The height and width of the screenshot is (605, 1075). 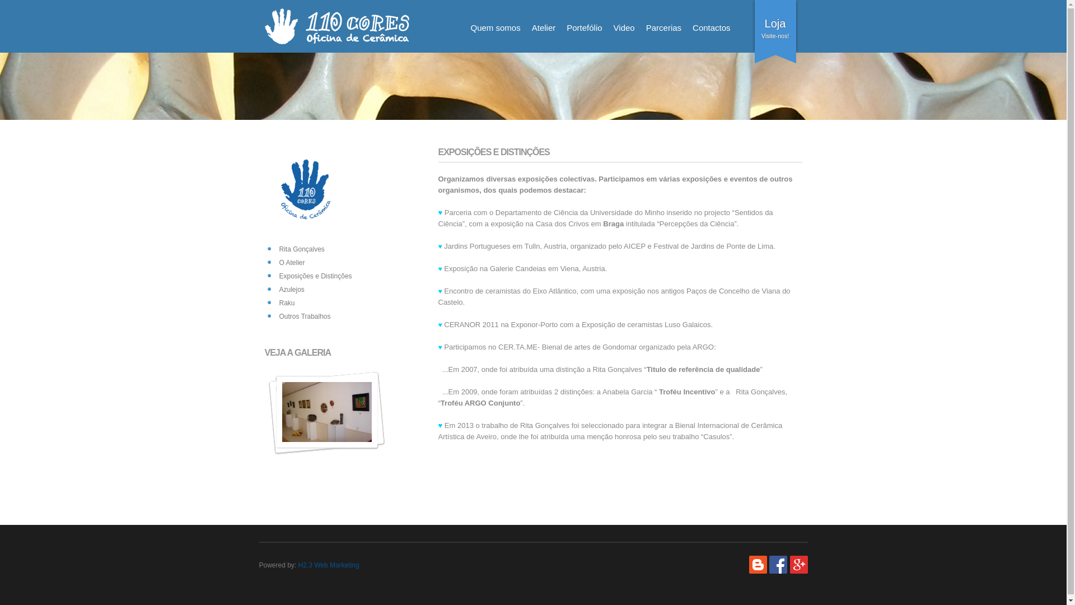 I want to click on 'H2.3 Web Marketing', so click(x=328, y=565).